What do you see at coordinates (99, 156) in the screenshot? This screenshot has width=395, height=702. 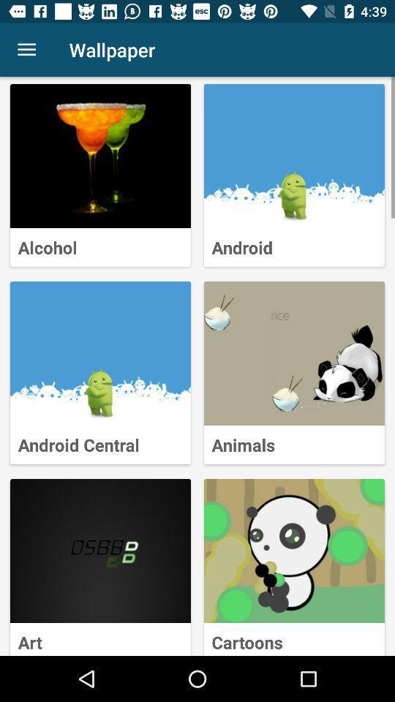 I see `an alcohol wallpaper` at bounding box center [99, 156].